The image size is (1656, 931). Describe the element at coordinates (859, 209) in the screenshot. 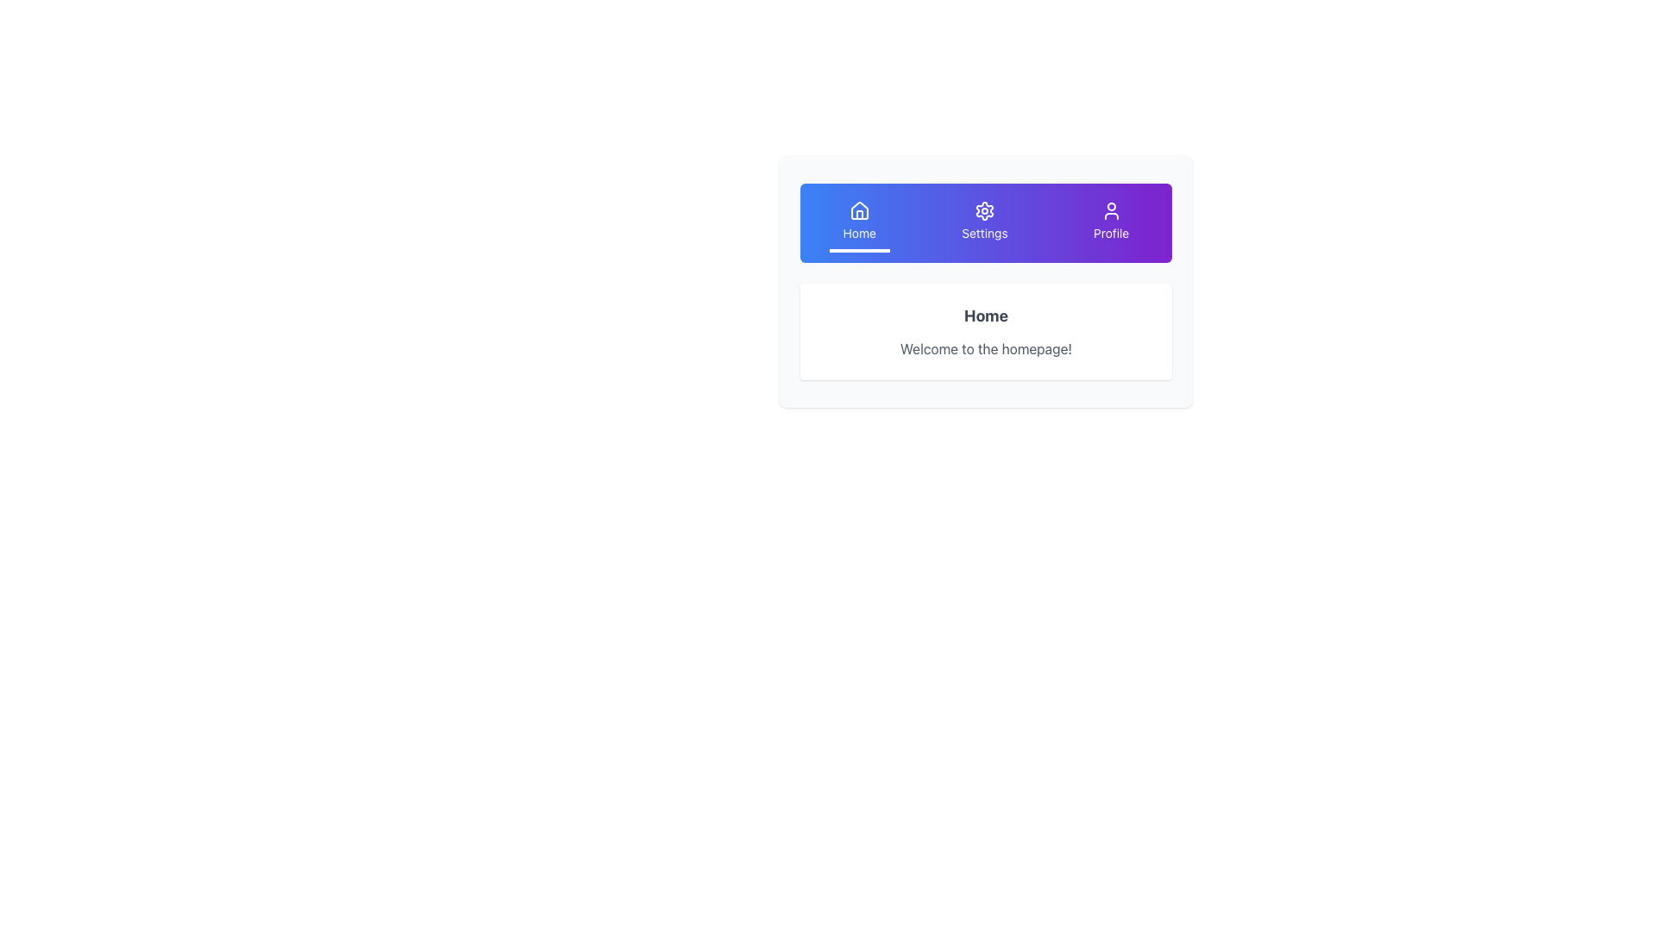

I see `the home icon, which is a simple stroke-based graphical representation of a house located in the blue section of the header bar, and is the leftmost icon among other icons` at that location.